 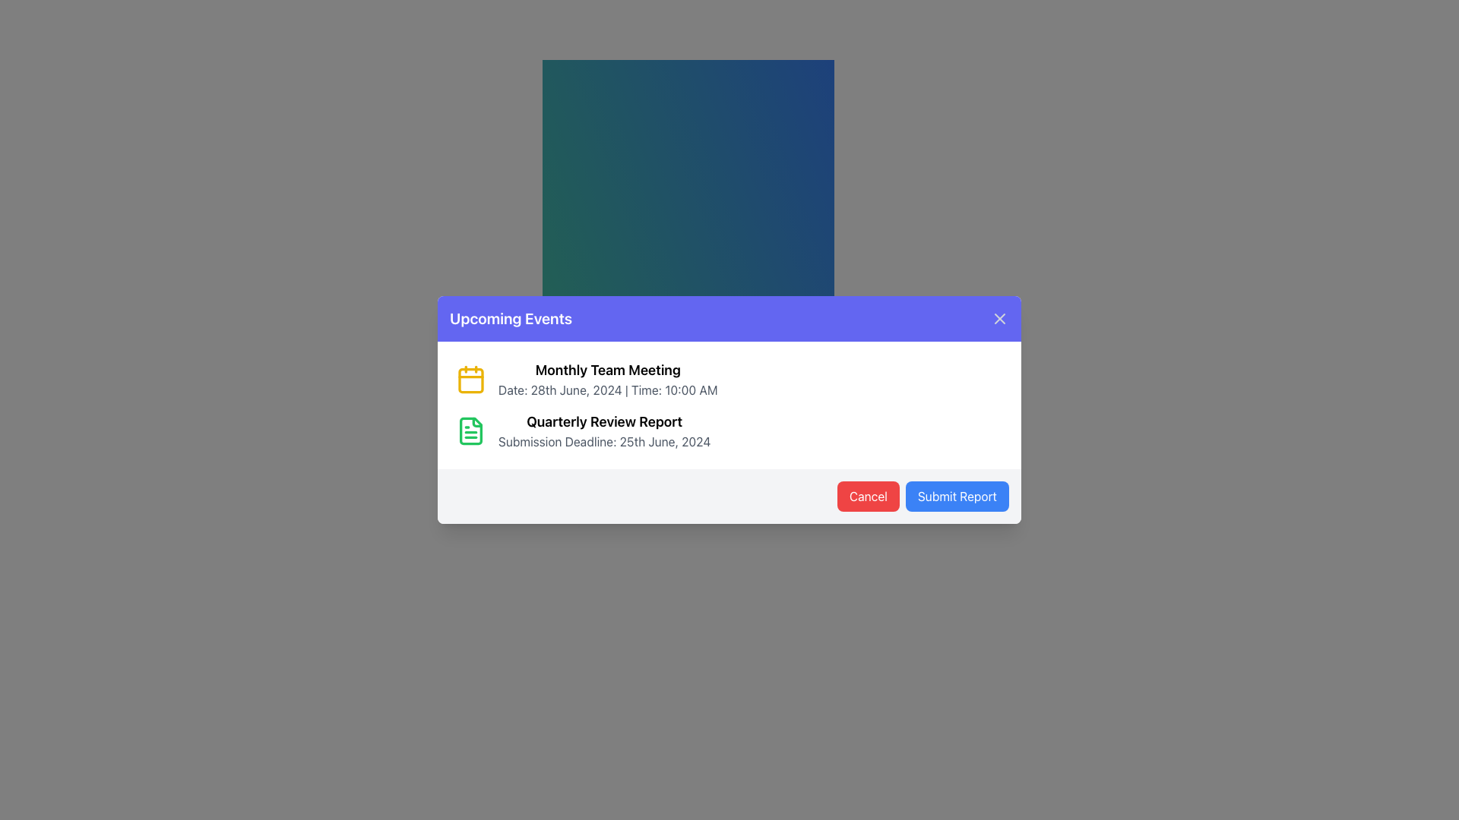 What do you see at coordinates (608, 379) in the screenshot?
I see `event details displayed in the text component labeled 'Monthly Team Meeting' inside the modal dialog below 'Upcoming Events'` at bounding box center [608, 379].